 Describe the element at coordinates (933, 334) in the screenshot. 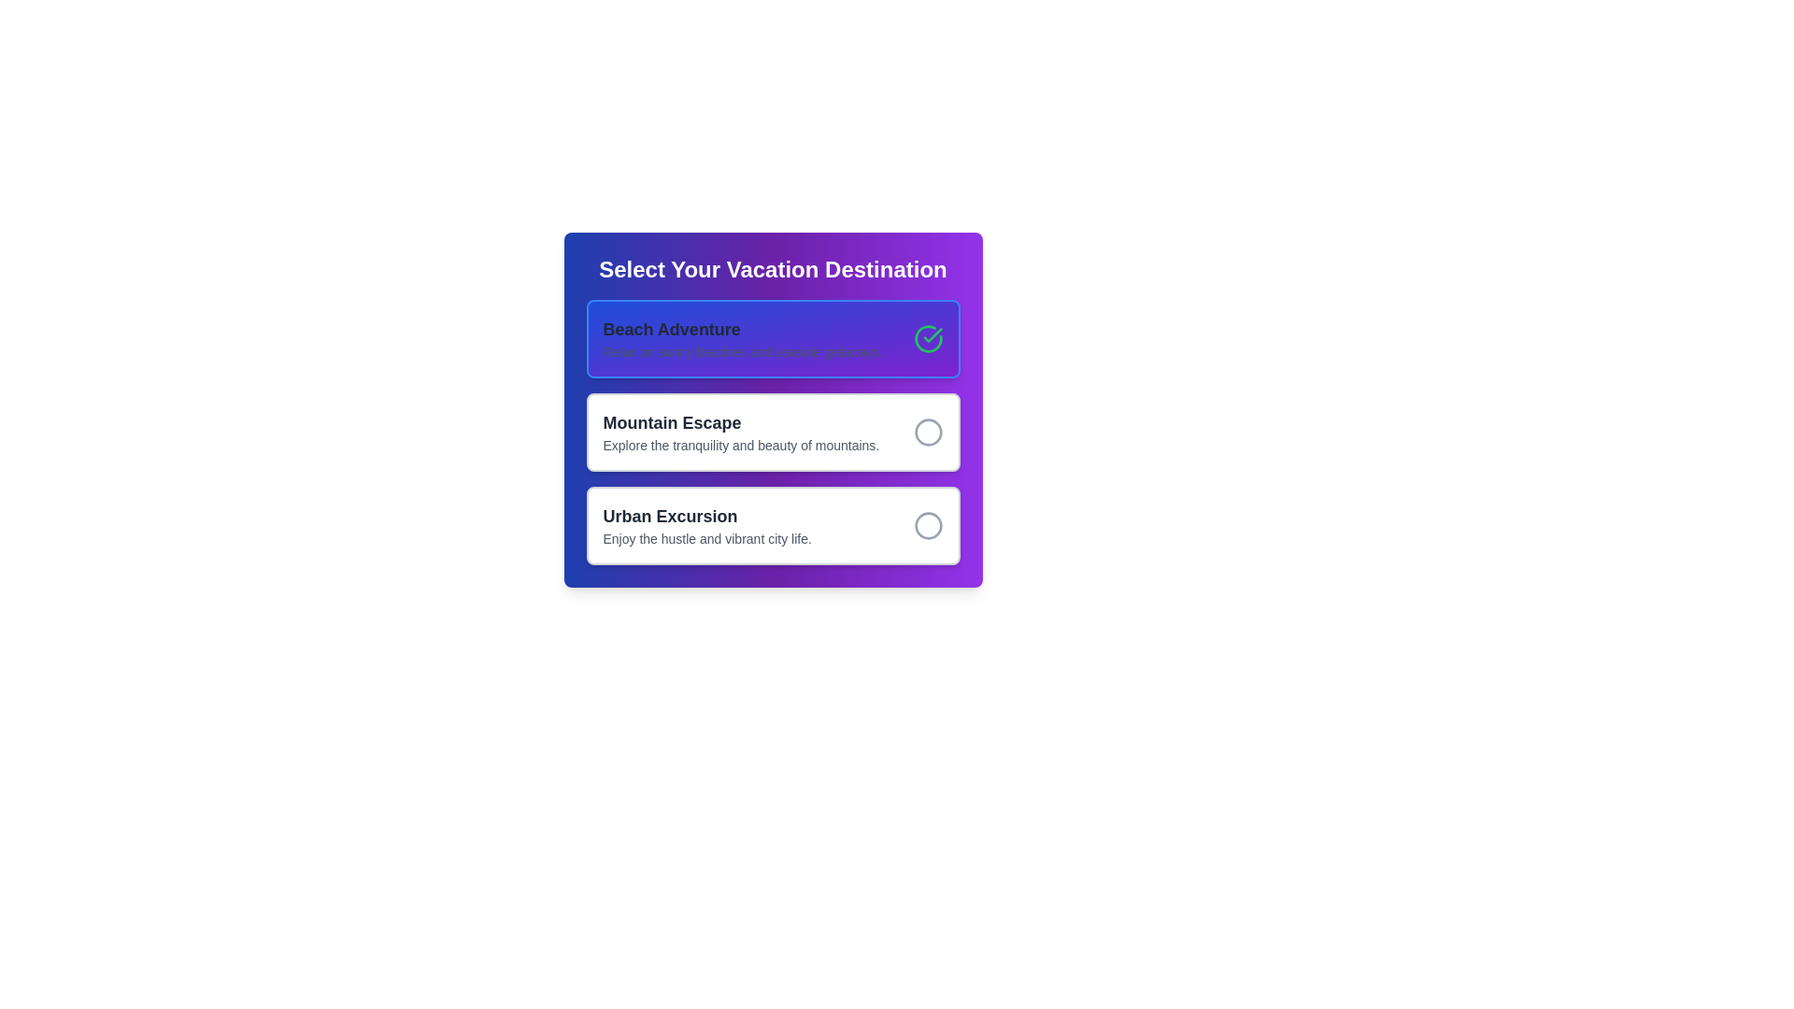

I see `the icon indicating that the 'Beach Adventure' option has been selected by clicking on it in the top-right corner of the corresponding card` at that location.